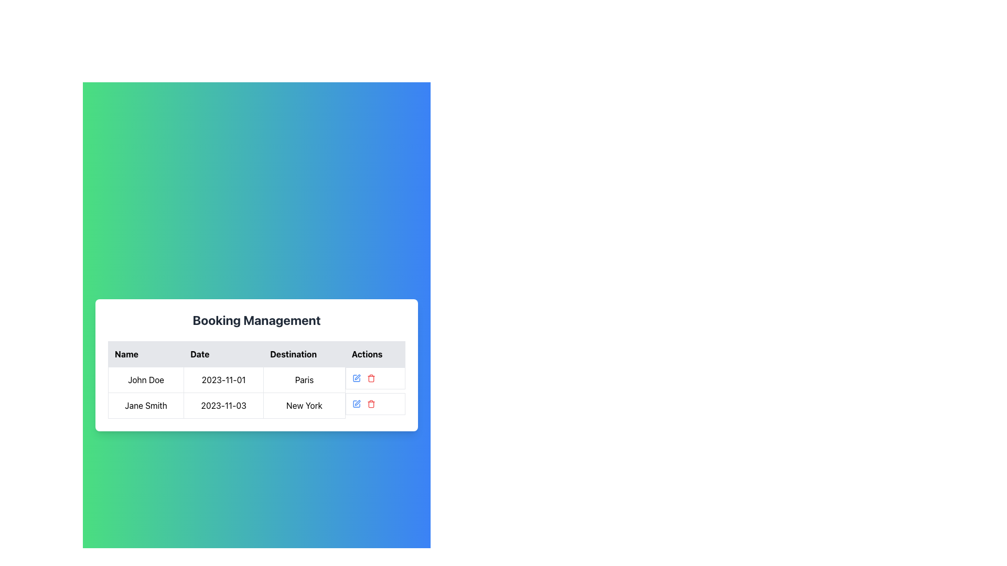 Image resolution: width=1007 pixels, height=566 pixels. I want to click on the table cell containing the text 'John Doe' located in the first row under the 'Name' column, so click(145, 380).